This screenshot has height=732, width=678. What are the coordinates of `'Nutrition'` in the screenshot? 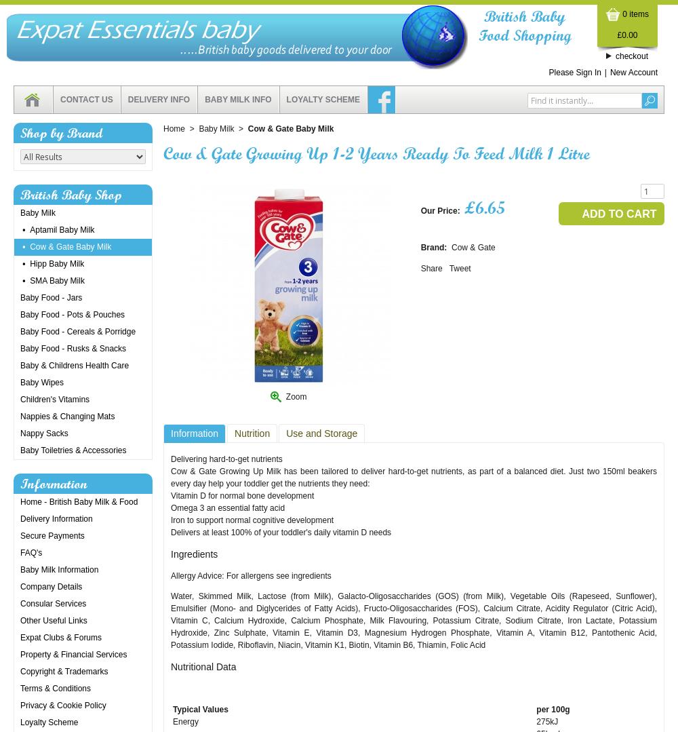 It's located at (252, 432).